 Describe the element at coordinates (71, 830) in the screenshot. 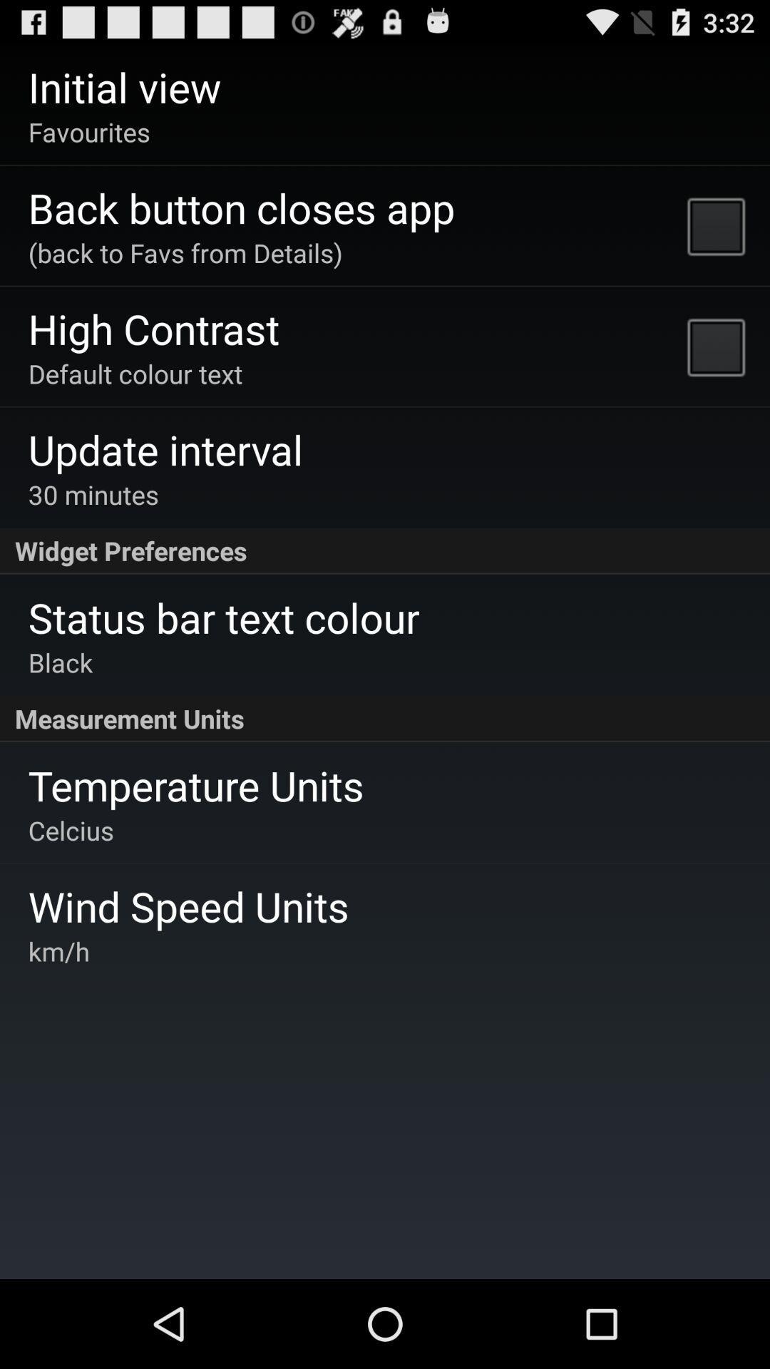

I see `item above the wind speed units` at that location.